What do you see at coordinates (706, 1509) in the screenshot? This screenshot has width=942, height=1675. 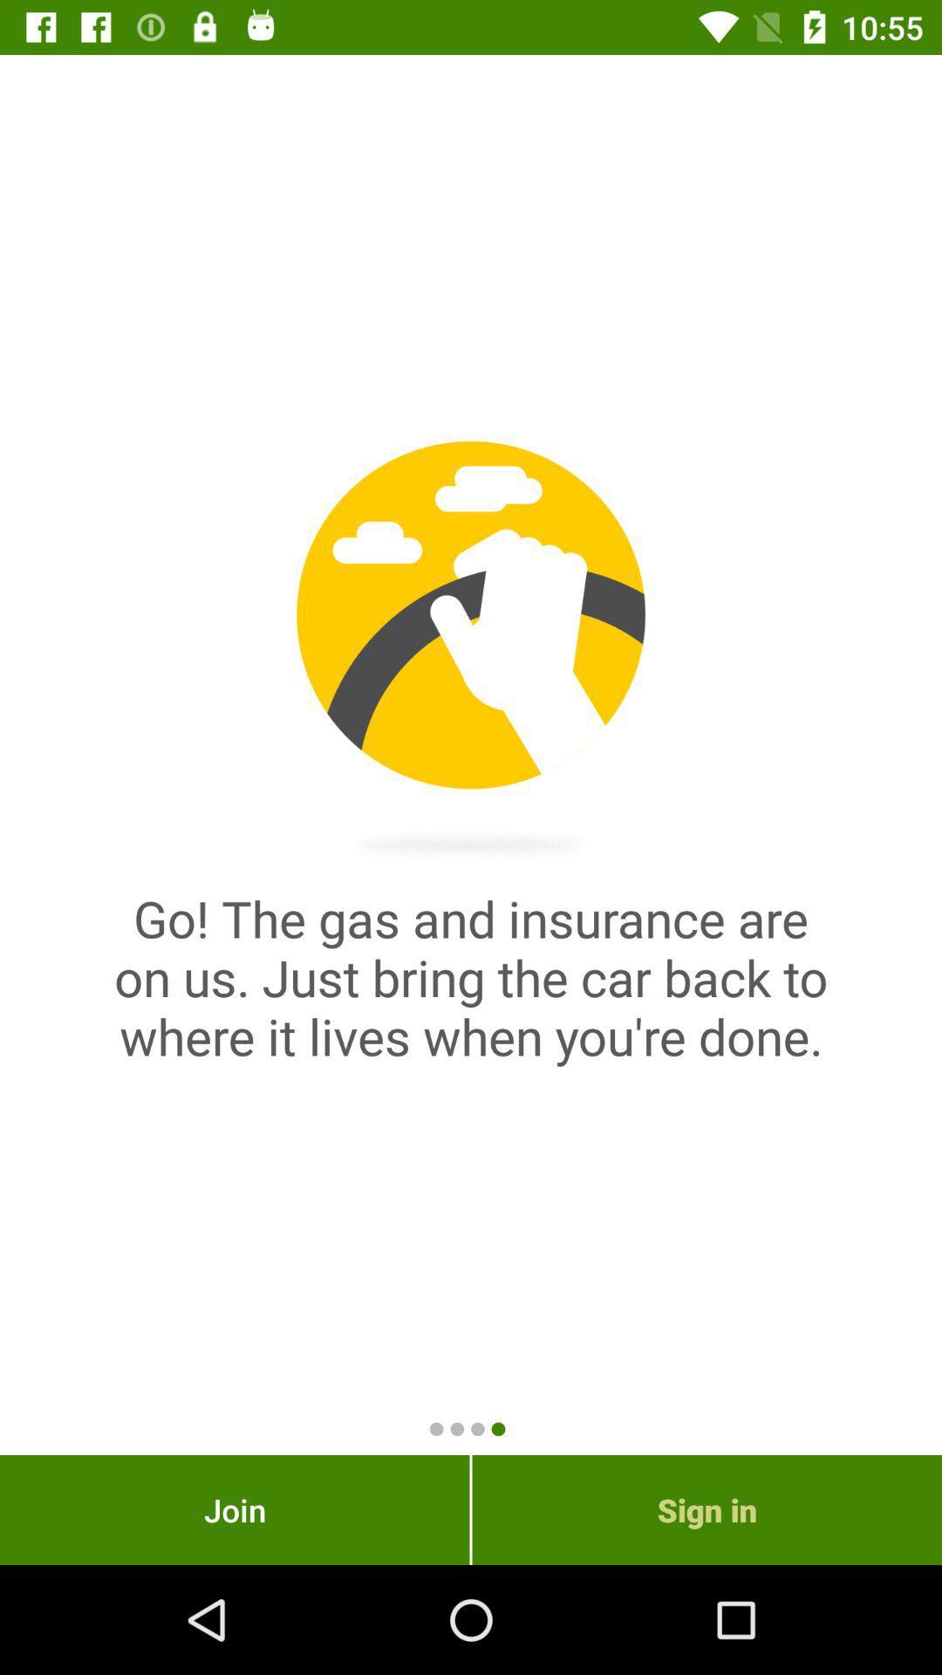 I see `icon to the right of join` at bounding box center [706, 1509].